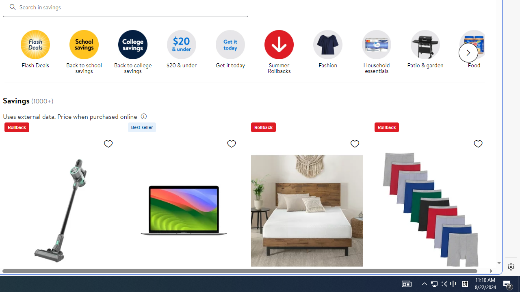 The image size is (520, 292). Describe the element at coordinates (133, 52) in the screenshot. I see `'Back to College savings Back to college savings'` at that location.